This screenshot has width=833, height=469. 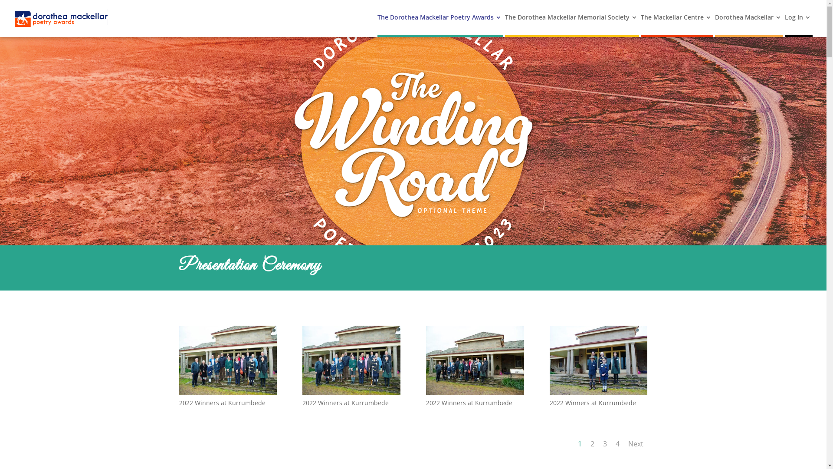 What do you see at coordinates (604, 444) in the screenshot?
I see `'3'` at bounding box center [604, 444].